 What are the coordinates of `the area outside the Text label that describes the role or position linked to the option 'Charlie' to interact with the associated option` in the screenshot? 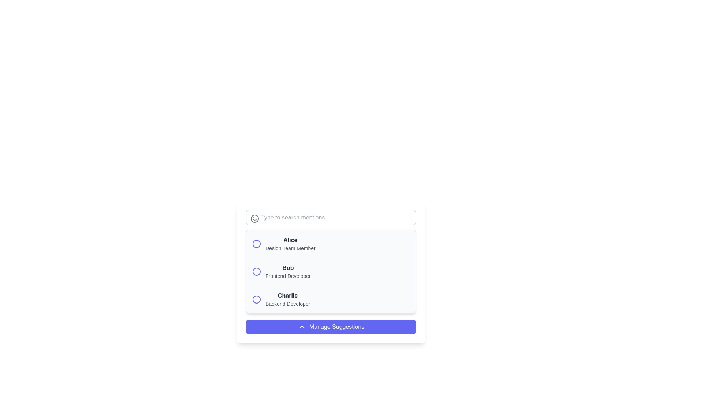 It's located at (287, 304).